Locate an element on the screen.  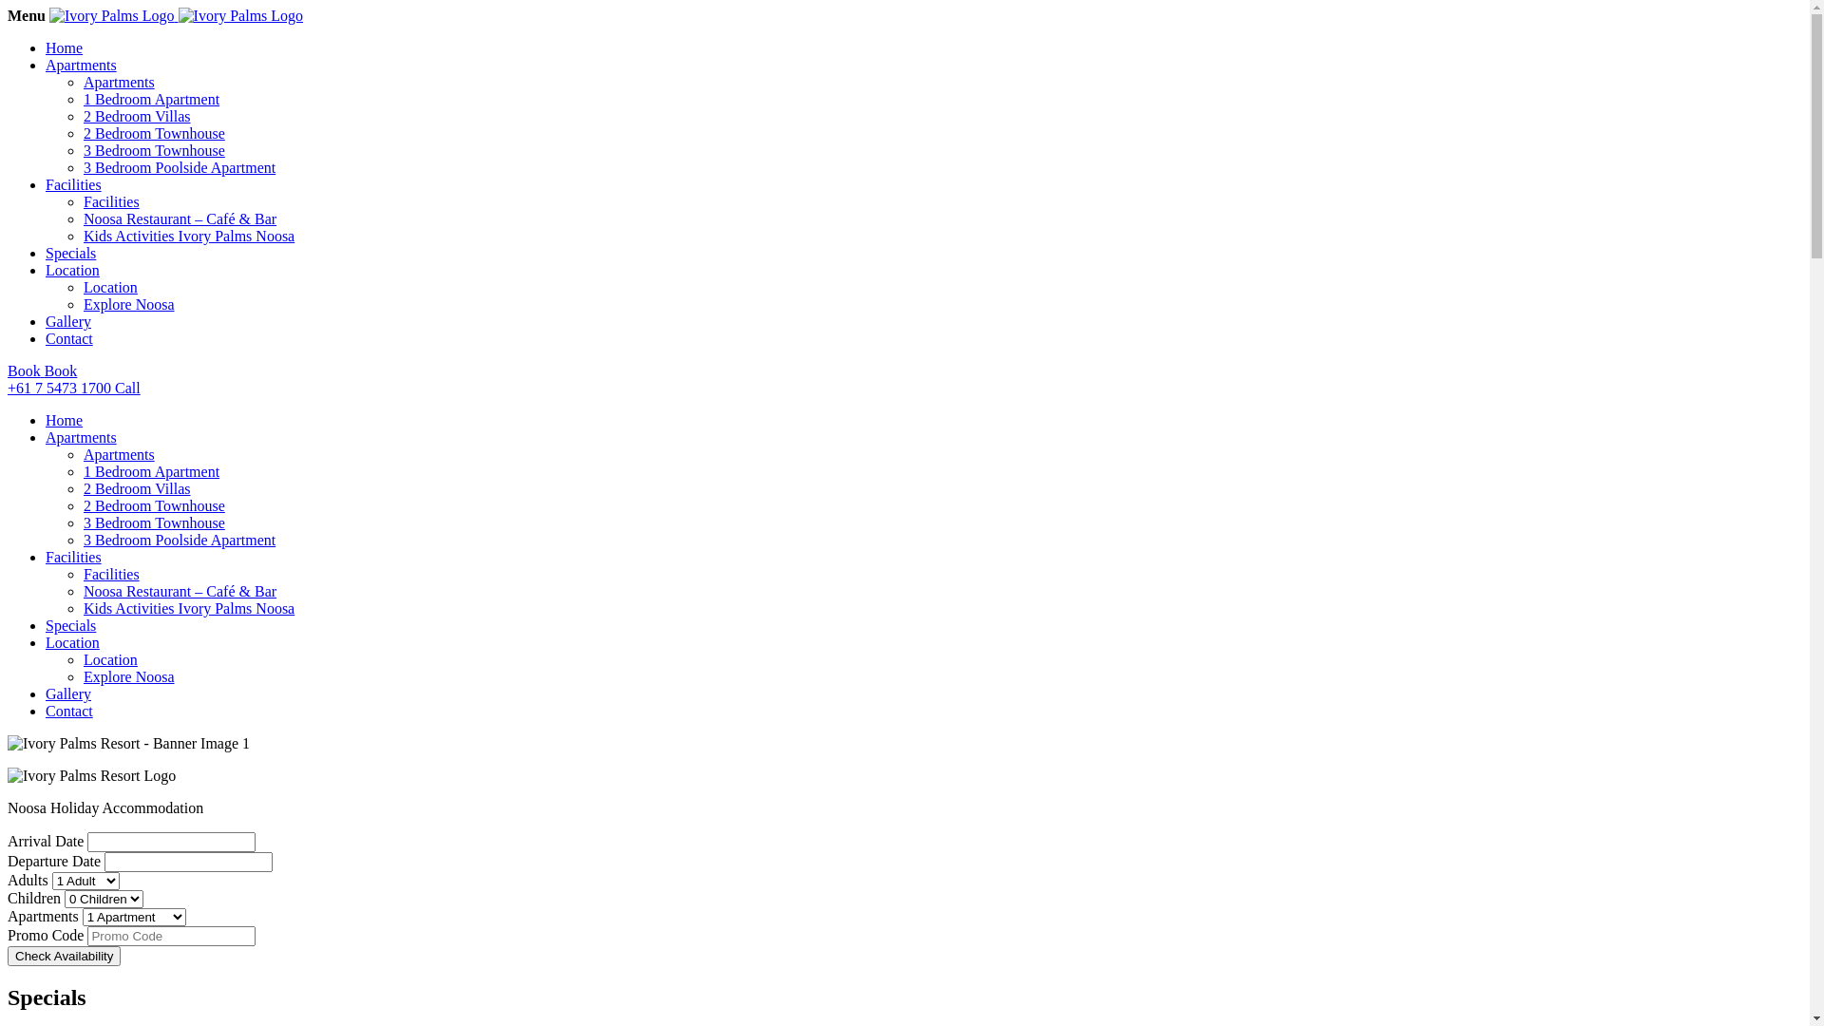
'Apartments' is located at coordinates (46, 437).